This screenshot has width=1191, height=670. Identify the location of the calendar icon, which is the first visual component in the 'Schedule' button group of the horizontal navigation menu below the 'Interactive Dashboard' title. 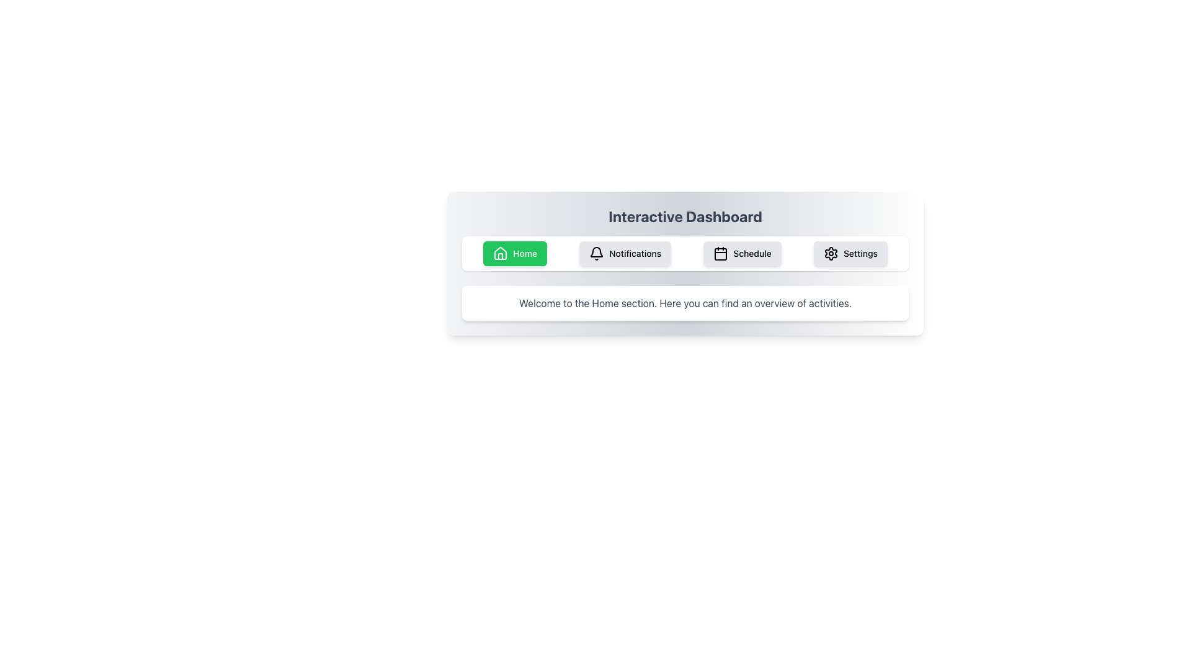
(721, 252).